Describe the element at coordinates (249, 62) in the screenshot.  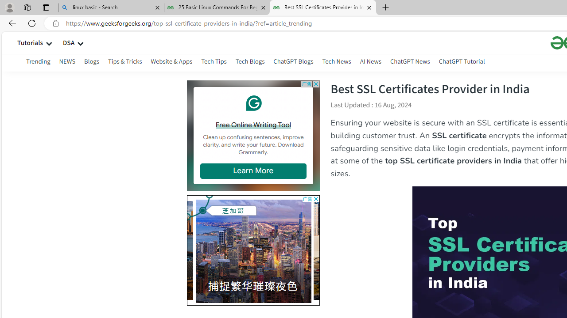
I see `'Tech Blogs'` at that location.